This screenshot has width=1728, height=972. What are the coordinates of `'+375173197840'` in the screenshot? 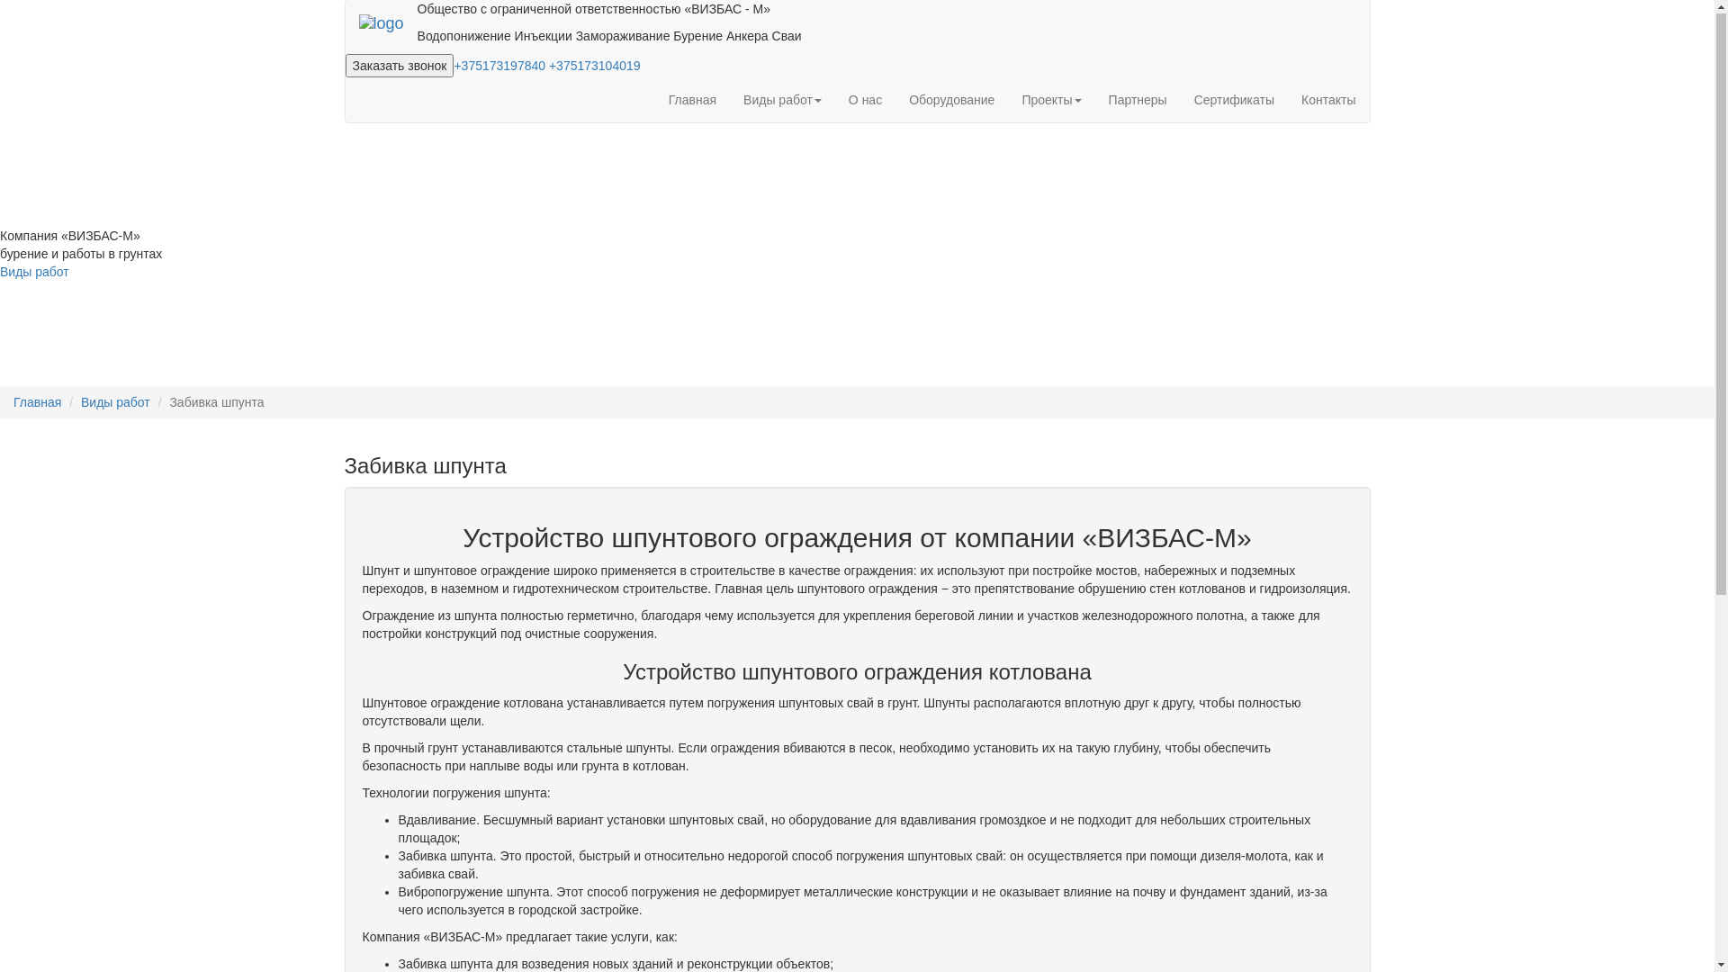 It's located at (500, 65).